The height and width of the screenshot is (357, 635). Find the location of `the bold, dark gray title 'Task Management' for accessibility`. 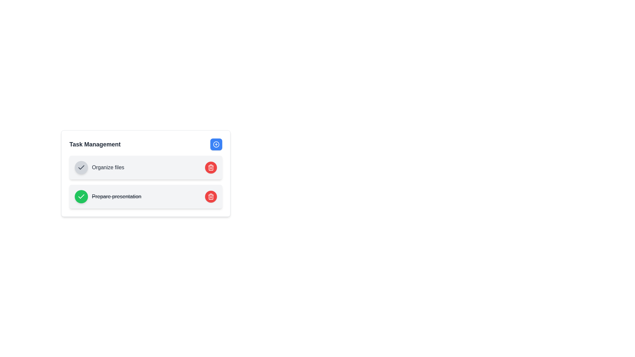

the bold, dark gray title 'Task Management' for accessibility is located at coordinates (95, 144).